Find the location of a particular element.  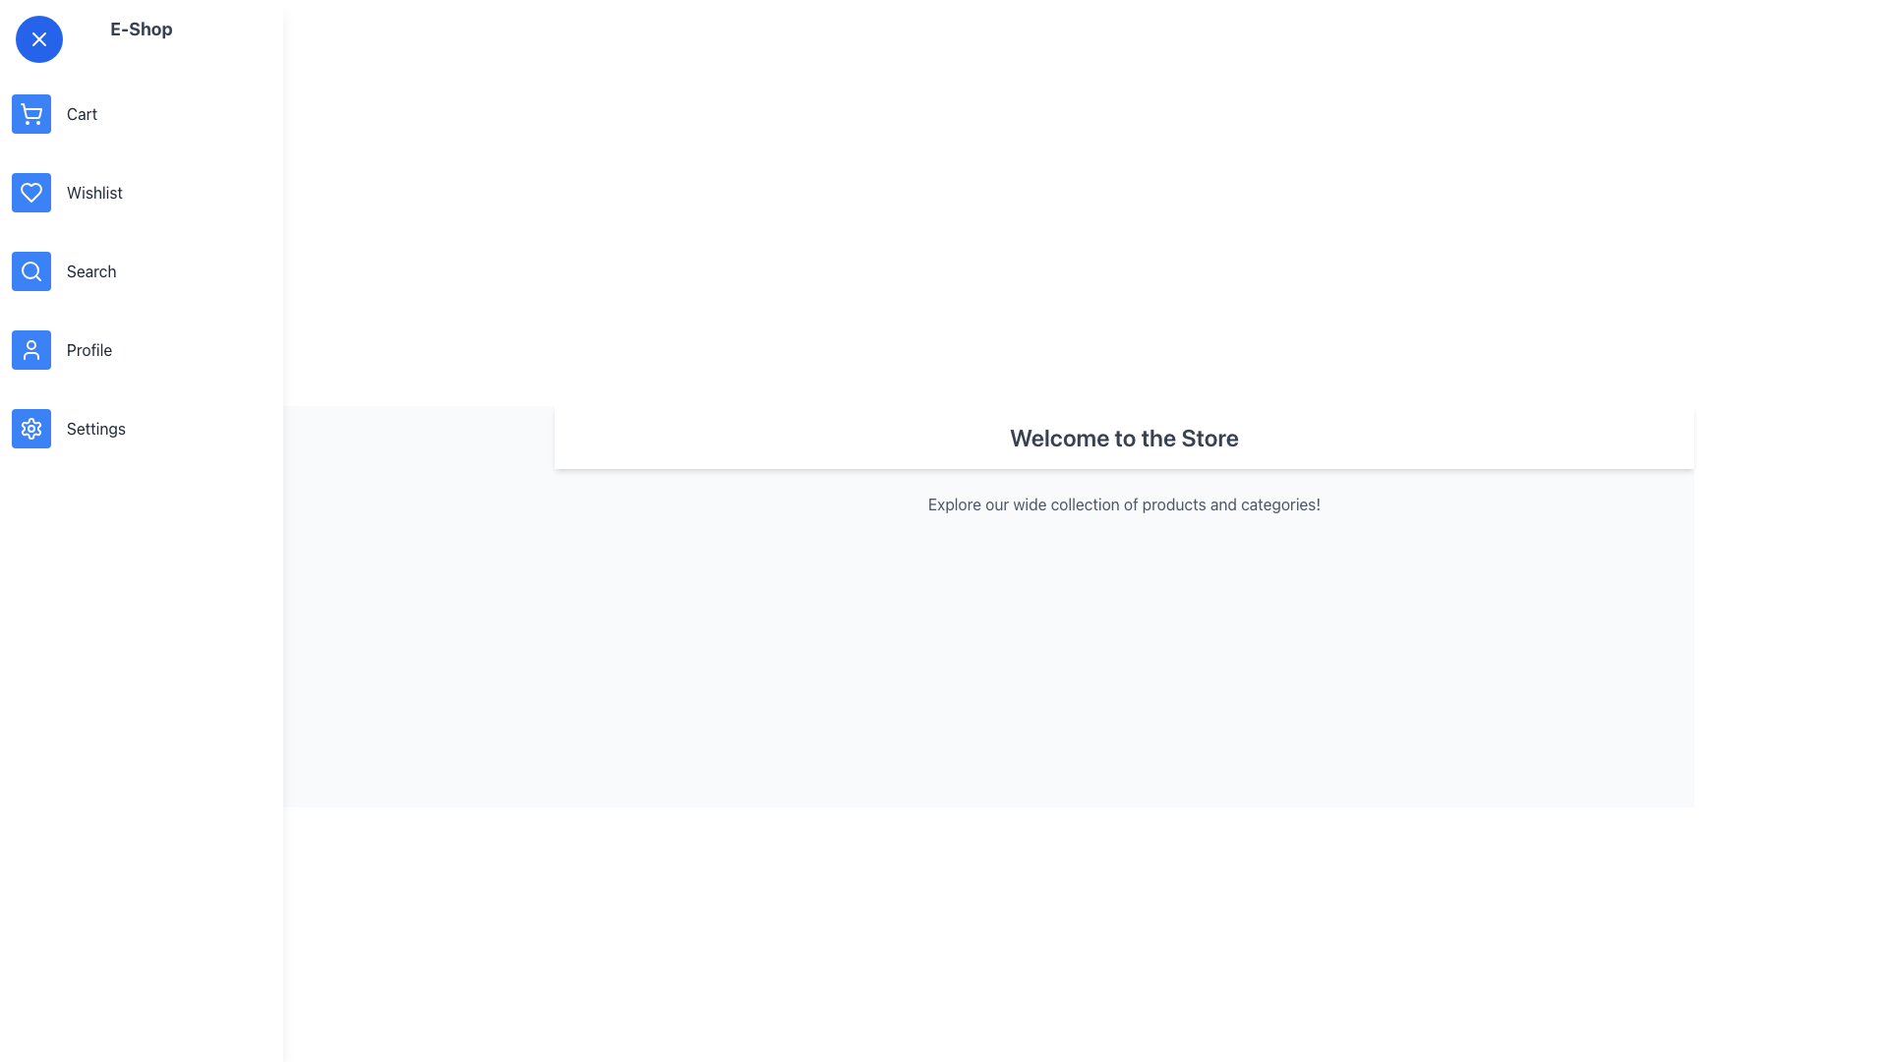

the Close Icon, which is an 'X' shape located in the top-left corner of the side navigation menu is located at coordinates (38, 38).